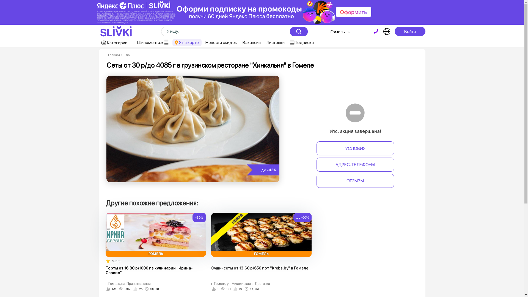 The image size is (528, 297). Describe the element at coordinates (376, 31) in the screenshot. I see `' '` at that location.